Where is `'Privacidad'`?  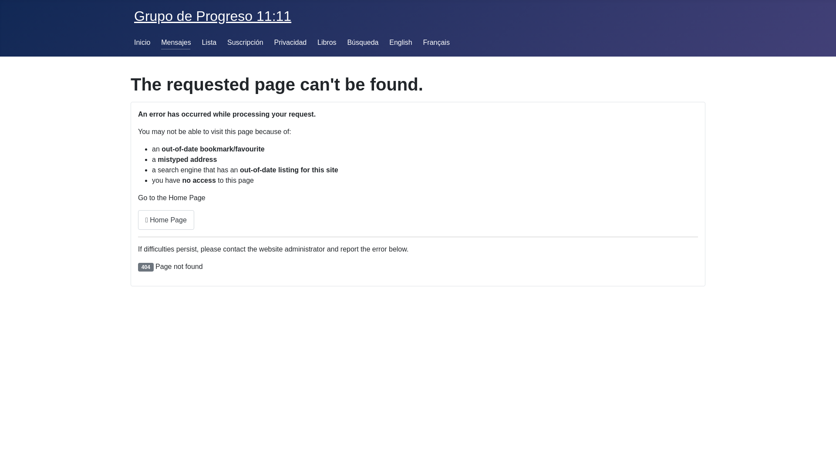 'Privacidad' is located at coordinates (290, 42).